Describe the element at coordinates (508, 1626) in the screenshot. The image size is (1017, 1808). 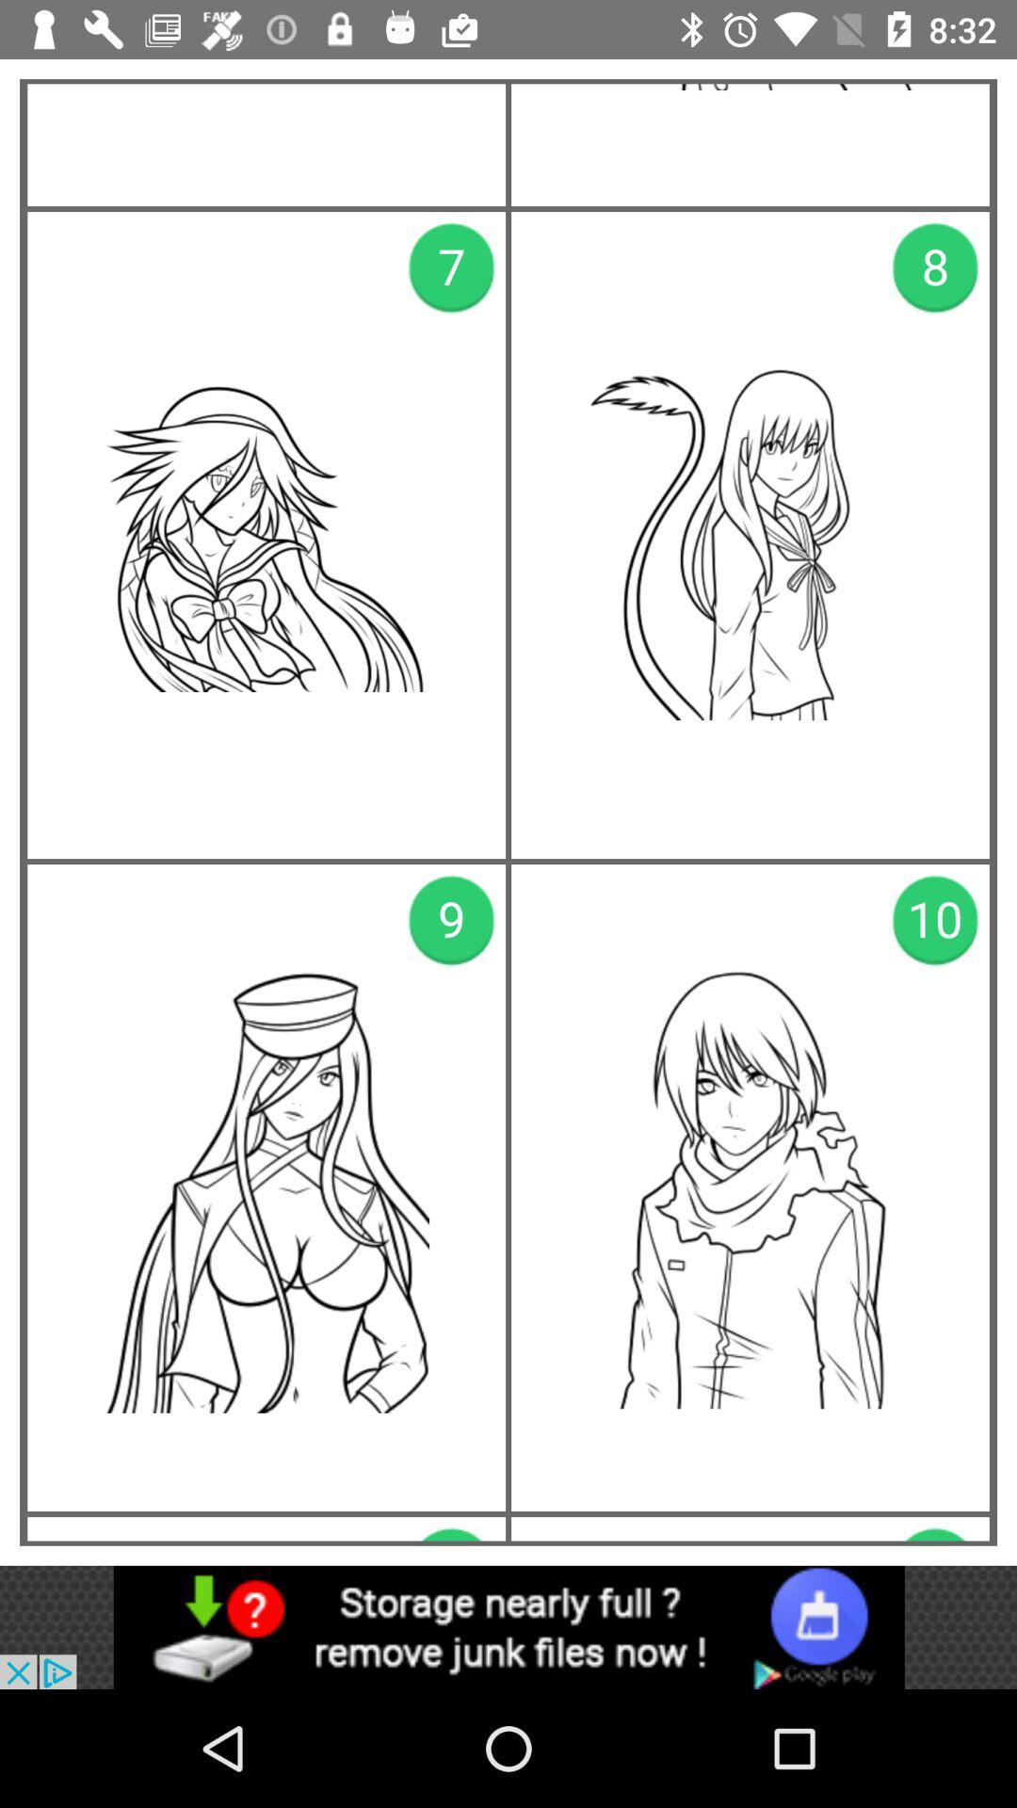
I see `it shows the information about storage clean` at that location.